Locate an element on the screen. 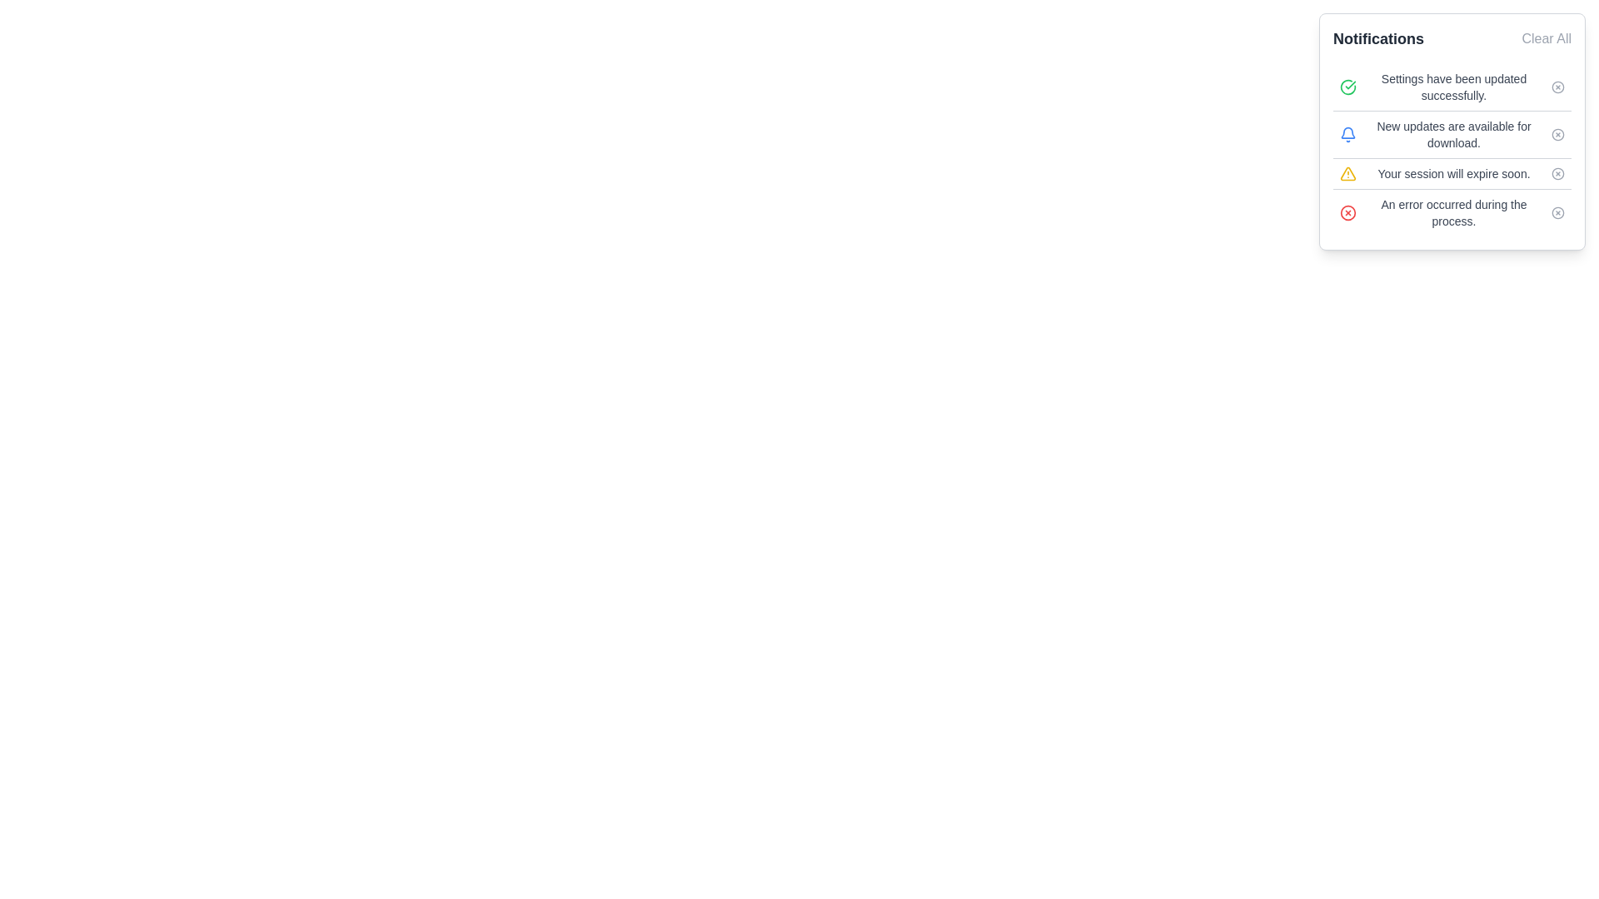 The height and width of the screenshot is (899, 1599). the Text Label displaying the message 'An error occurred during the process.' which is located at the bottom-right corner of the notification card is located at coordinates (1453, 211).